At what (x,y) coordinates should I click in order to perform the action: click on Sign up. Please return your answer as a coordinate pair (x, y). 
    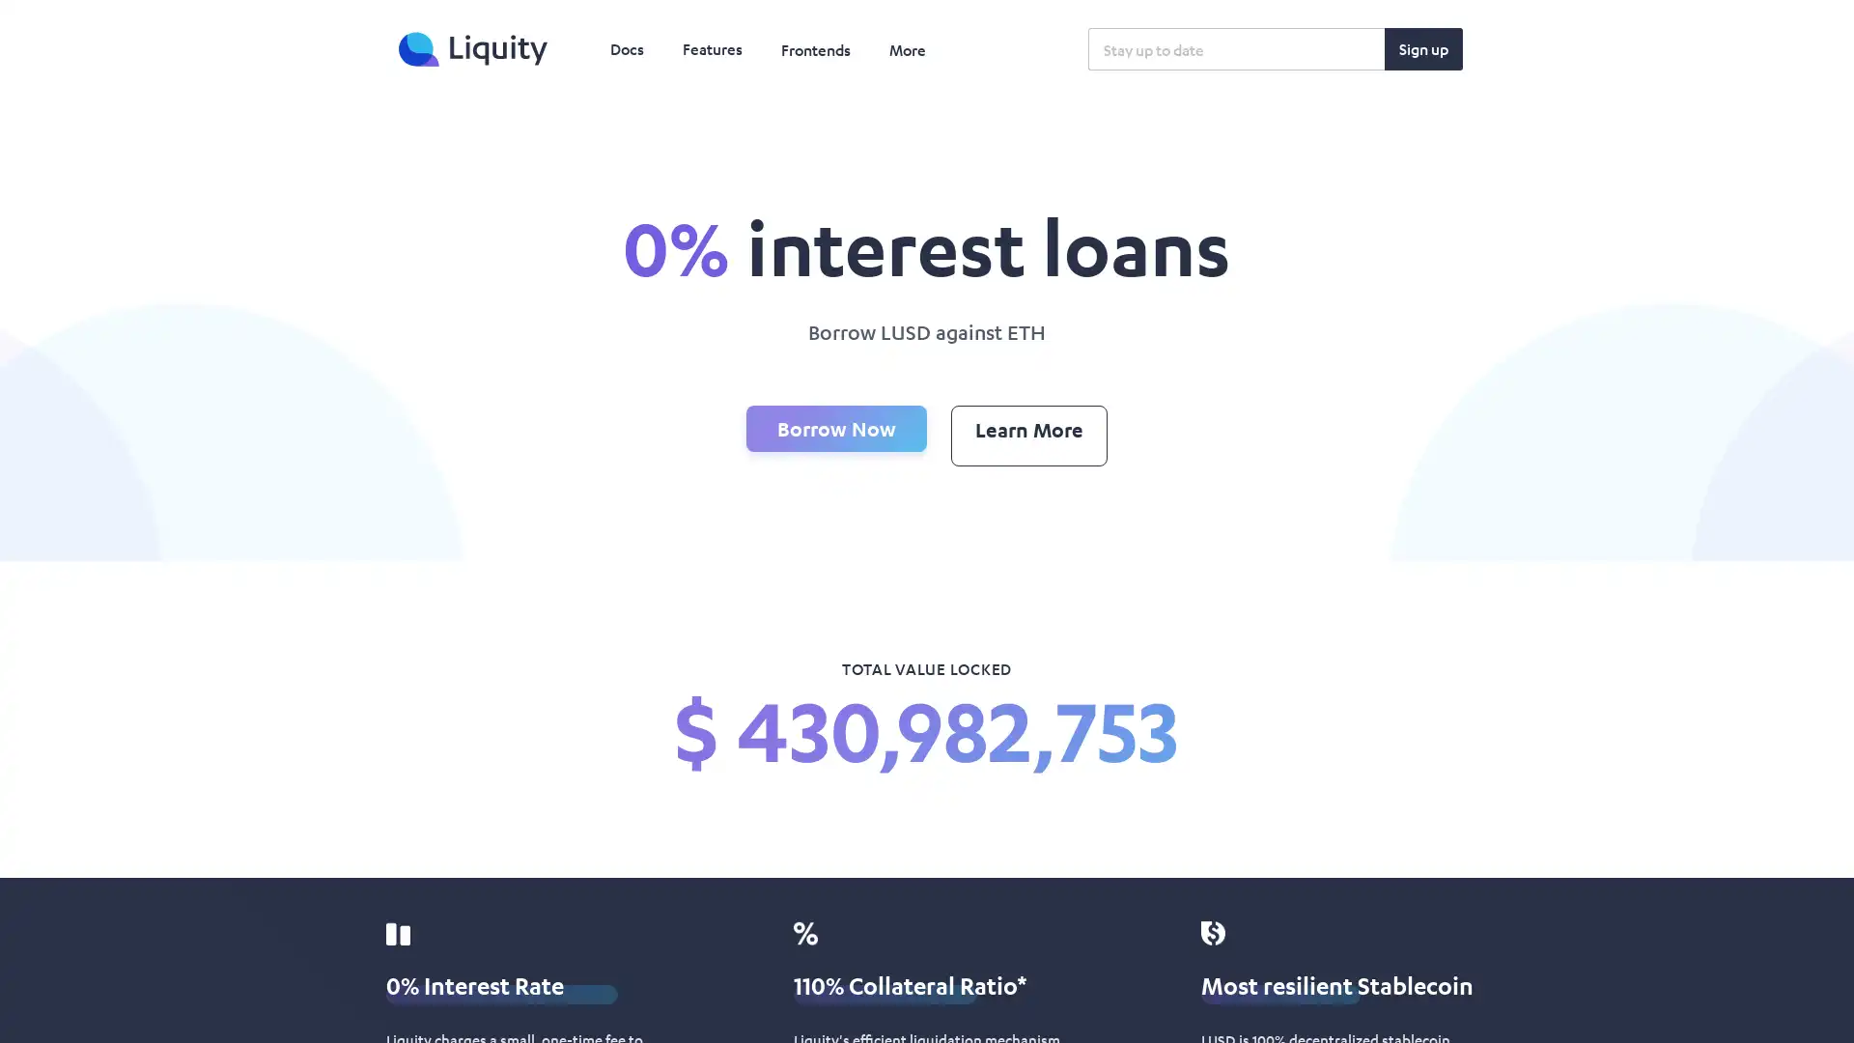
    Looking at the image, I should click on (1423, 47).